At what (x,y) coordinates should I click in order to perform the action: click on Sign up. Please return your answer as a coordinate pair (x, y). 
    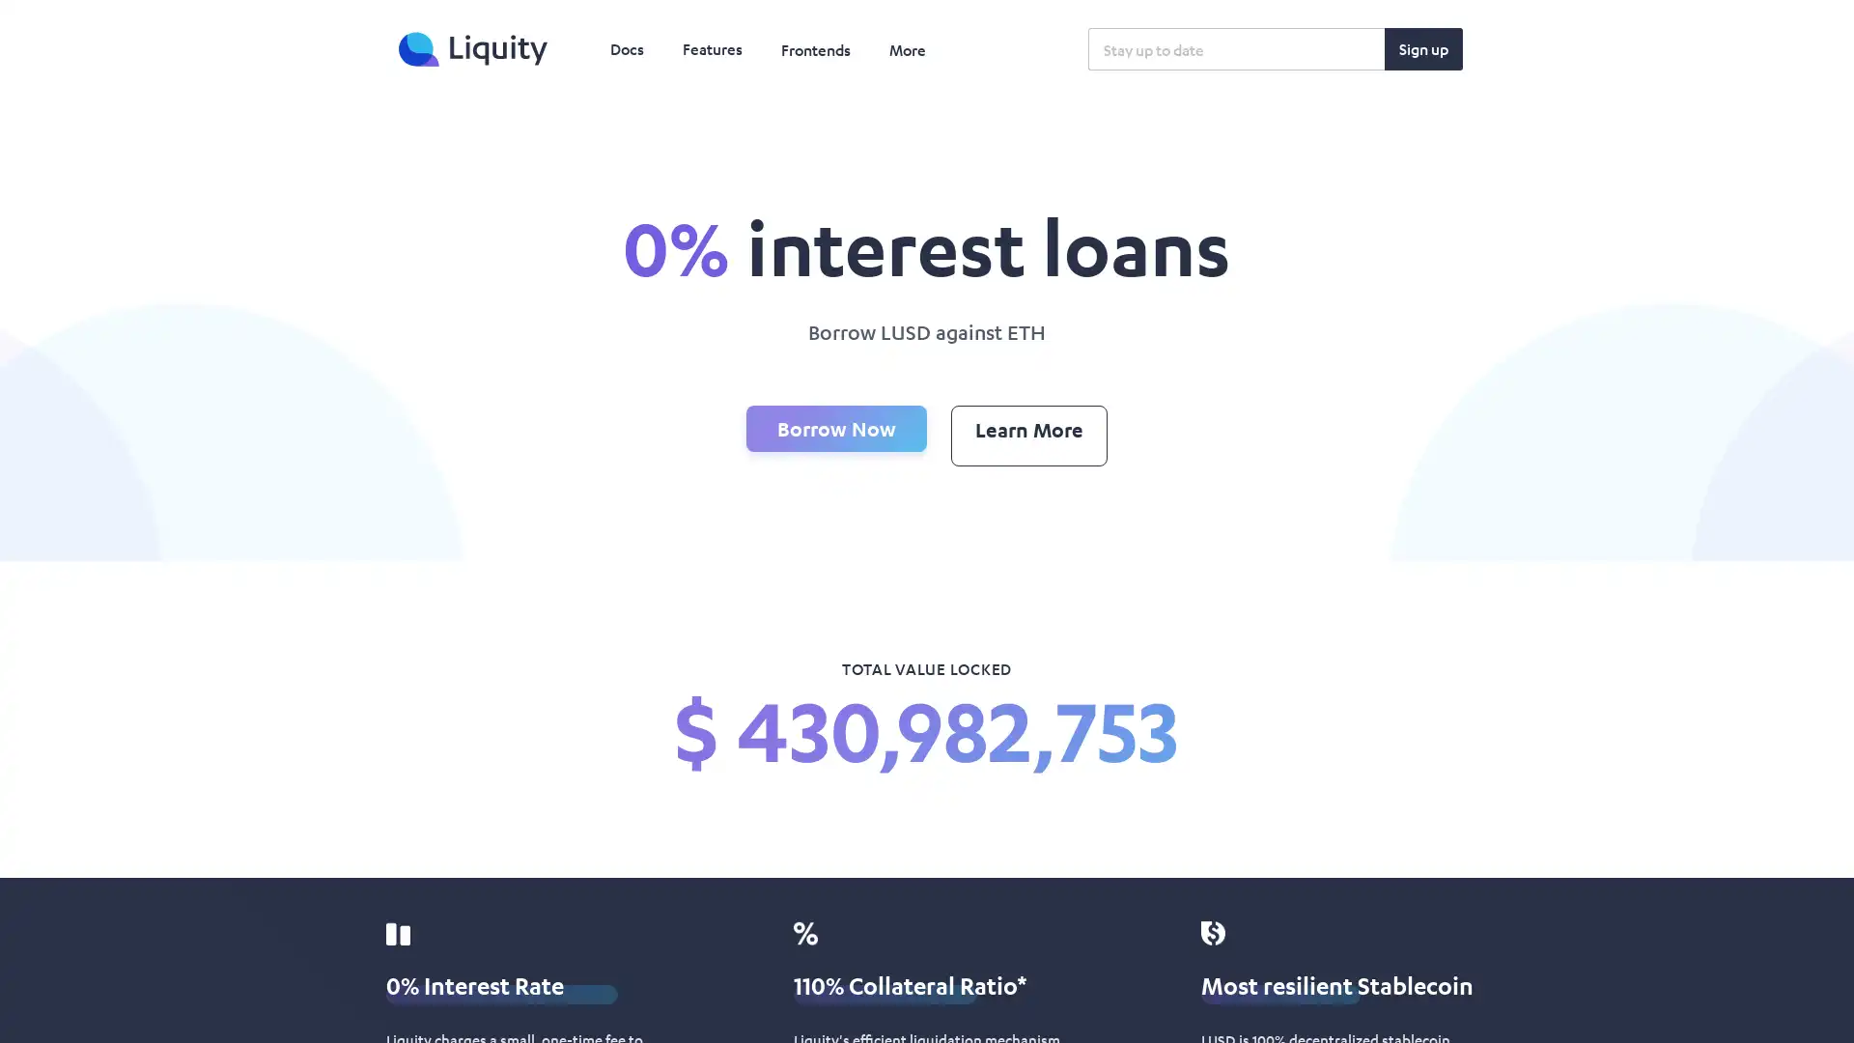
    Looking at the image, I should click on (1423, 47).